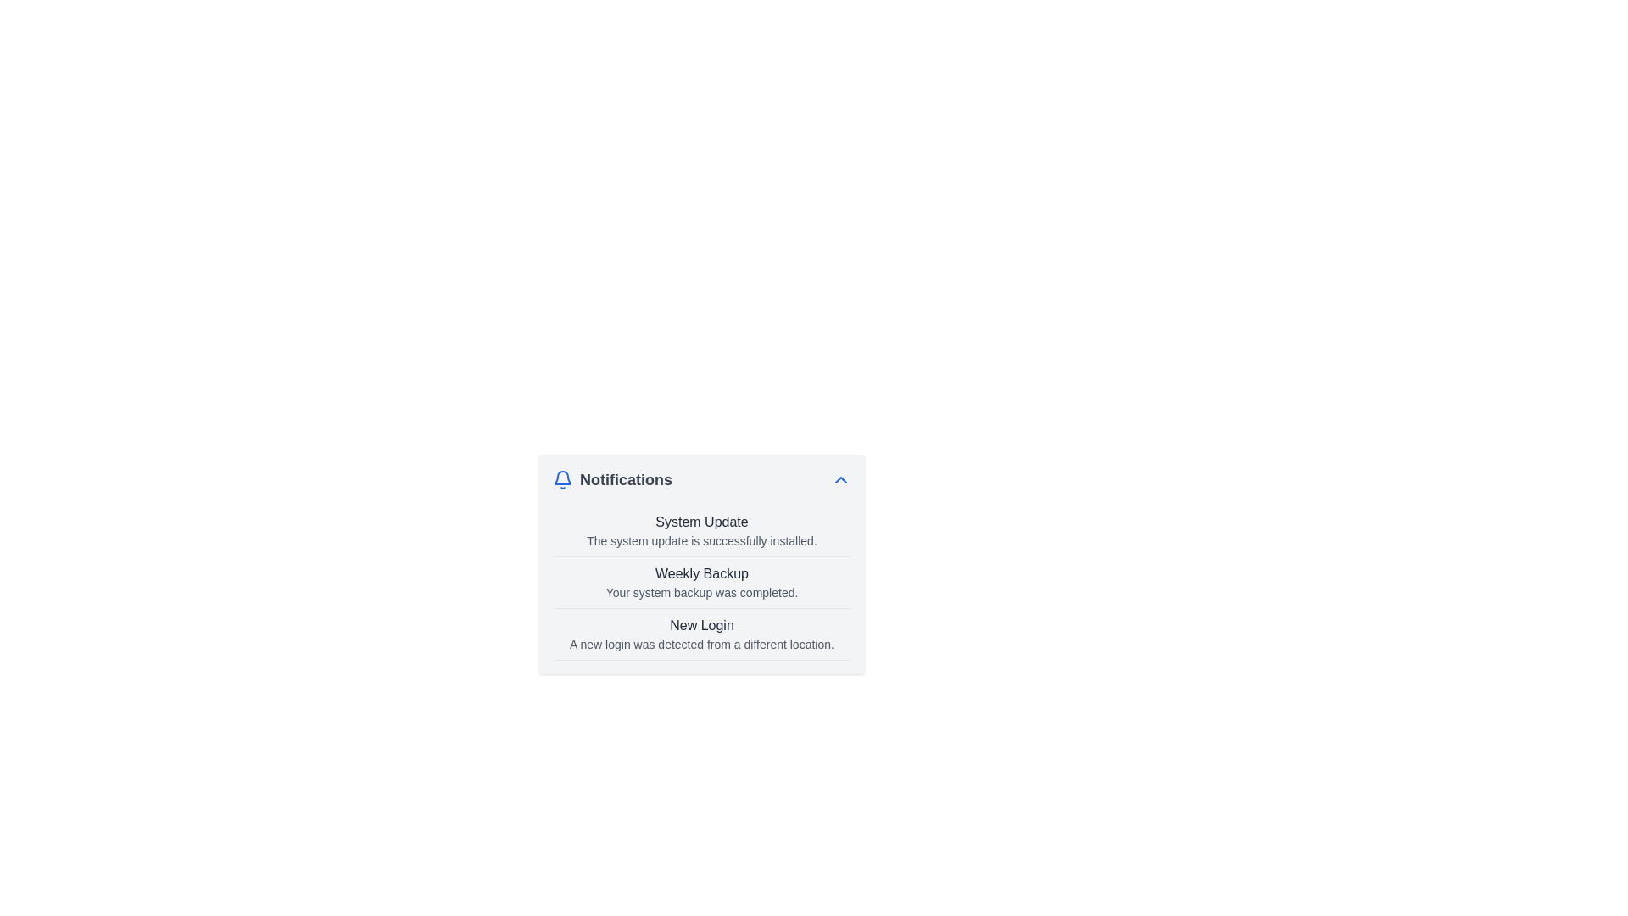  I want to click on the text label displaying 'Weekly Backup' in bold gray font, which is located in the second notification entry under the 'Notifications' section, so click(702, 573).